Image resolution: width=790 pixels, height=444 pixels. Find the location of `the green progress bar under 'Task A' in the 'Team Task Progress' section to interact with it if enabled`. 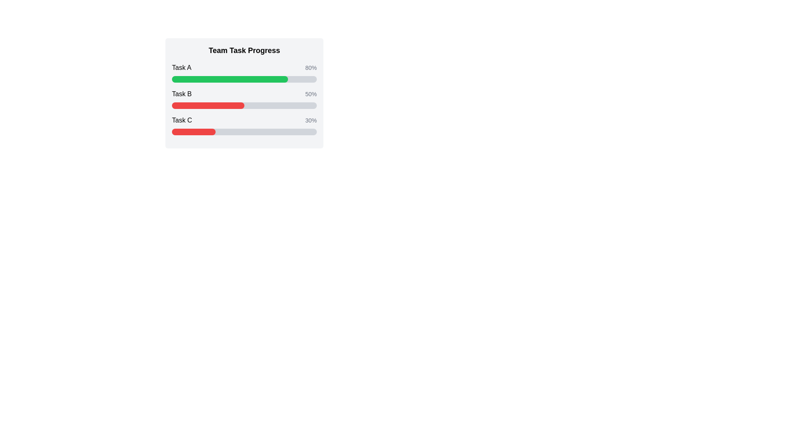

the green progress bar under 'Task A' in the 'Team Task Progress' section to interact with it if enabled is located at coordinates (230, 79).